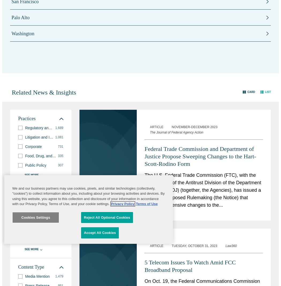  Describe the element at coordinates (60, 230) in the screenshot. I see `'137'` at that location.